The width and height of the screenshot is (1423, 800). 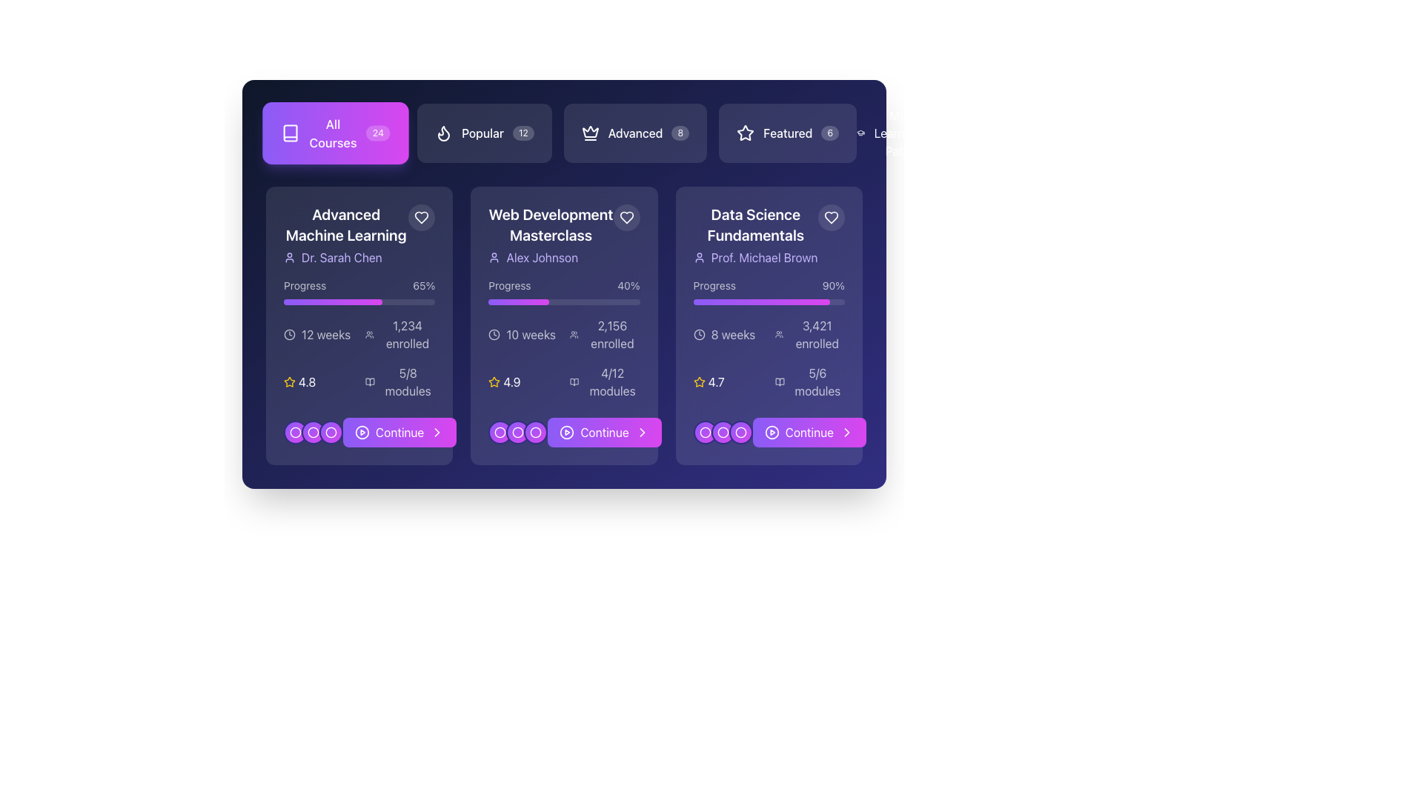 What do you see at coordinates (574, 334) in the screenshot?
I see `the enrollment icon representing participation in the 'Web Development Masterclass' course, which is located near the text '2,156 enrolled'` at bounding box center [574, 334].